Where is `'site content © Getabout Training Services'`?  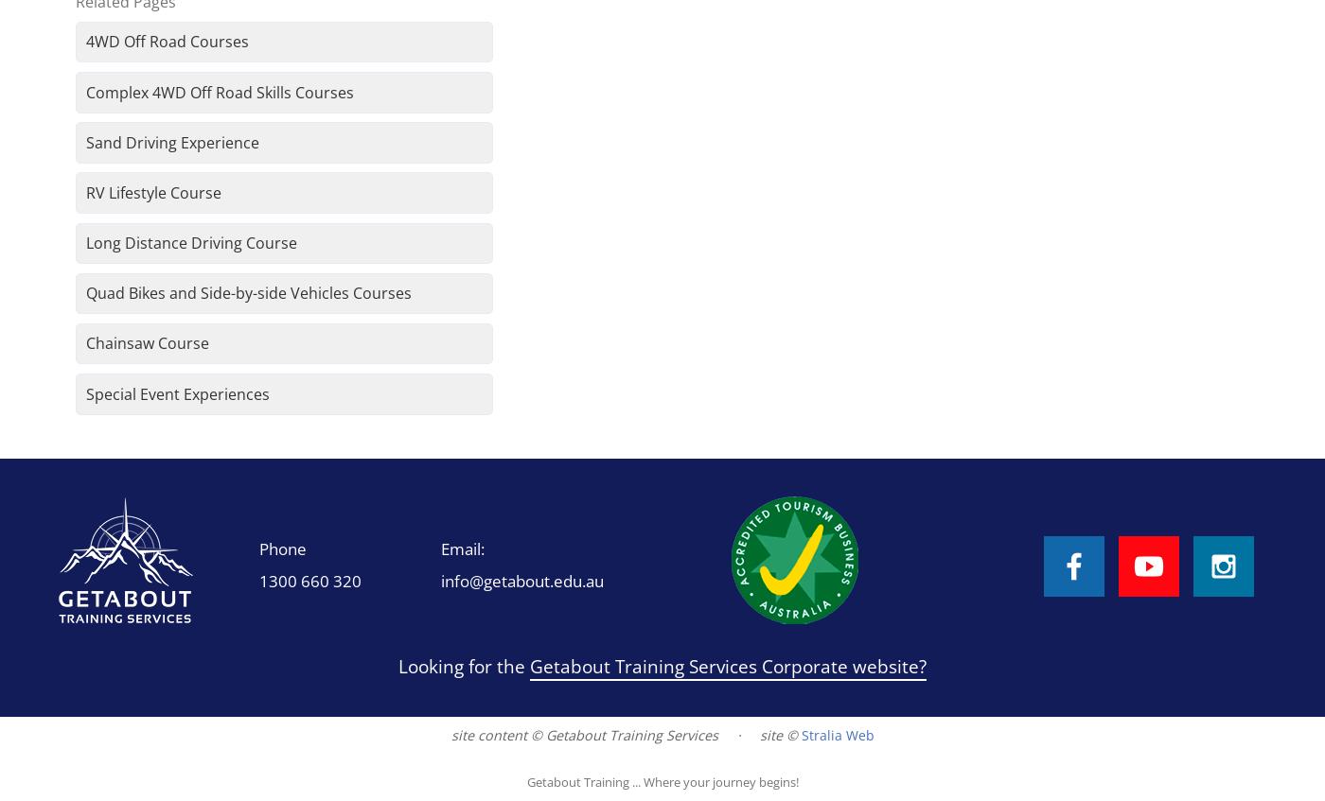 'site content © Getabout Training Services' is located at coordinates (450, 734).